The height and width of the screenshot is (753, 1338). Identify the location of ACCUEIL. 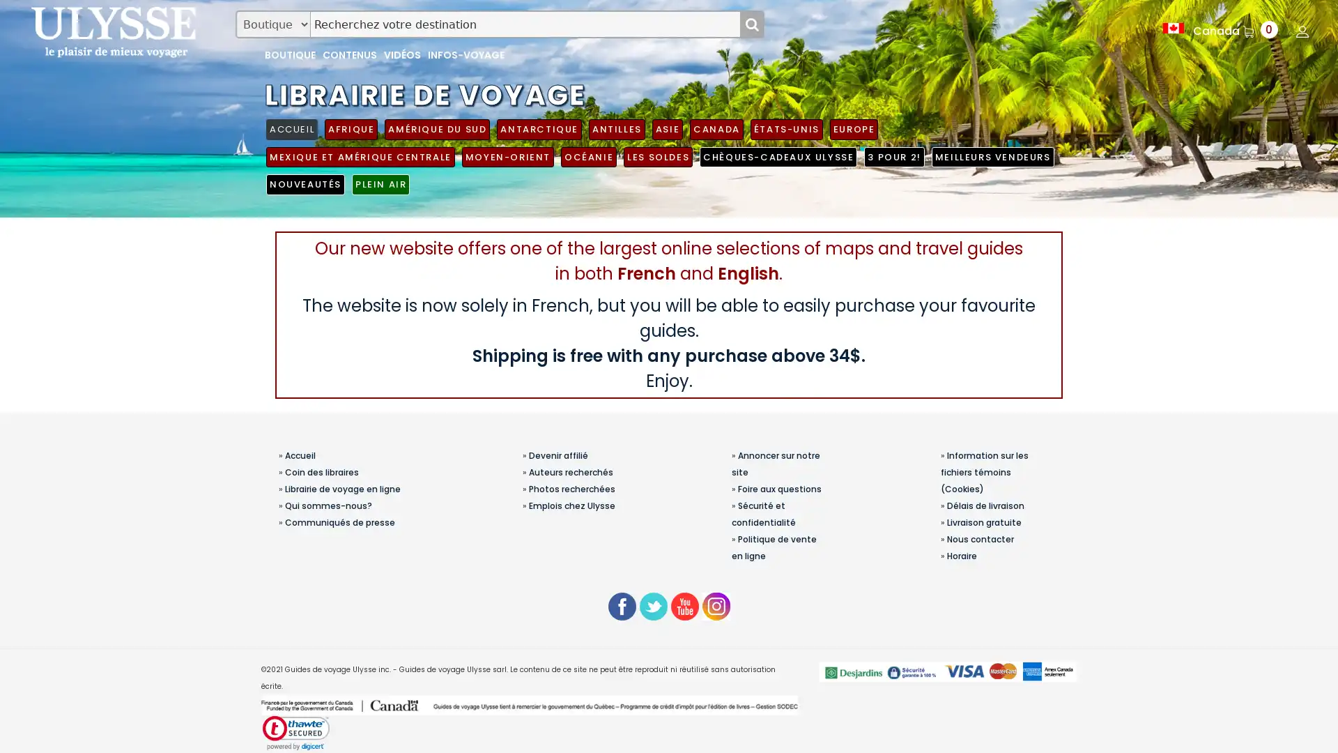
(291, 129).